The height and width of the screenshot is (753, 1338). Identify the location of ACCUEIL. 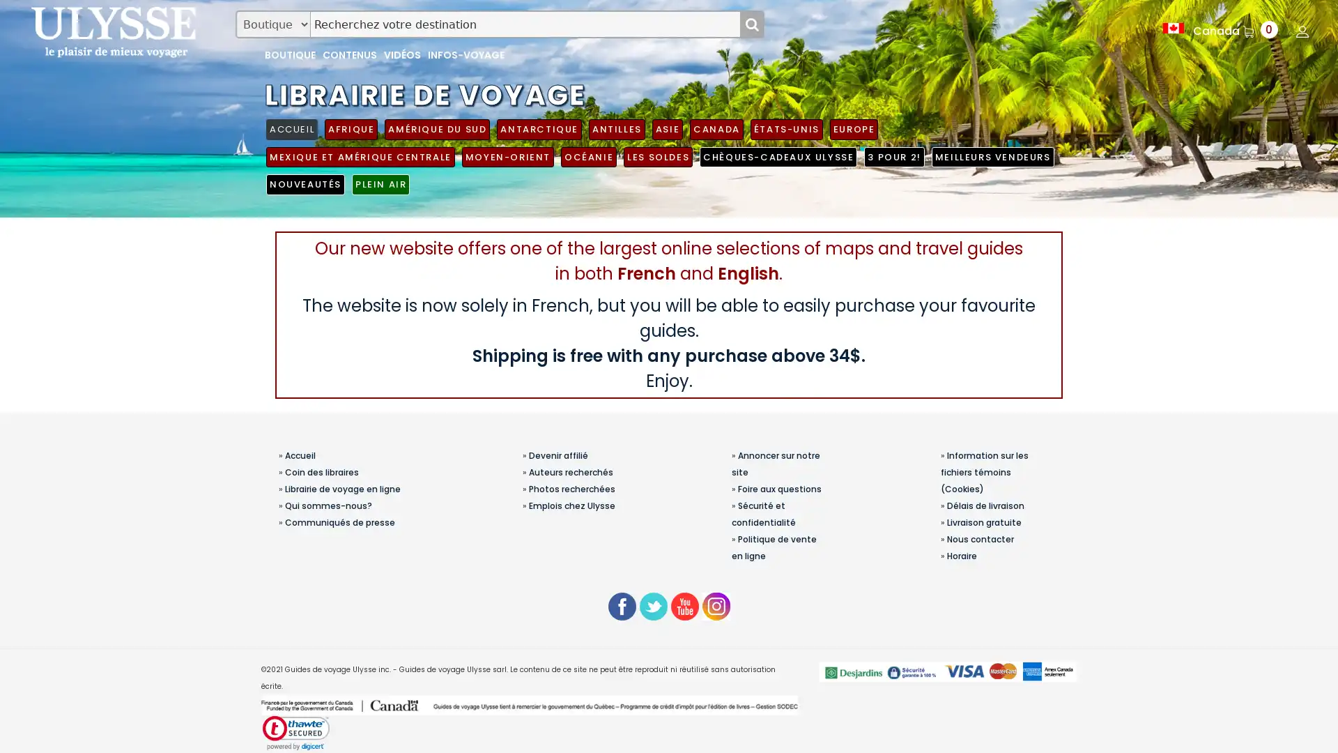
(291, 129).